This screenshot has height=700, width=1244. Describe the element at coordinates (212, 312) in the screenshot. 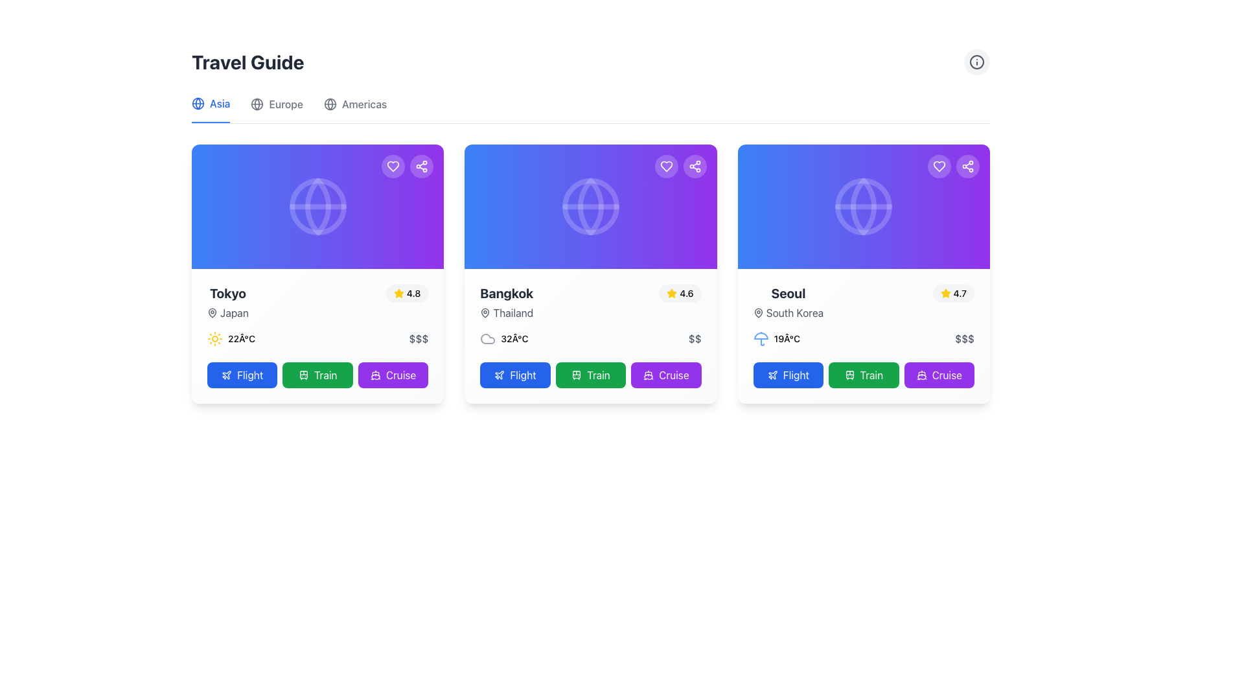

I see `the geographical location icon located to the immediate left of the text 'Japan' in the first card of the row, if it is linked to an action` at that location.